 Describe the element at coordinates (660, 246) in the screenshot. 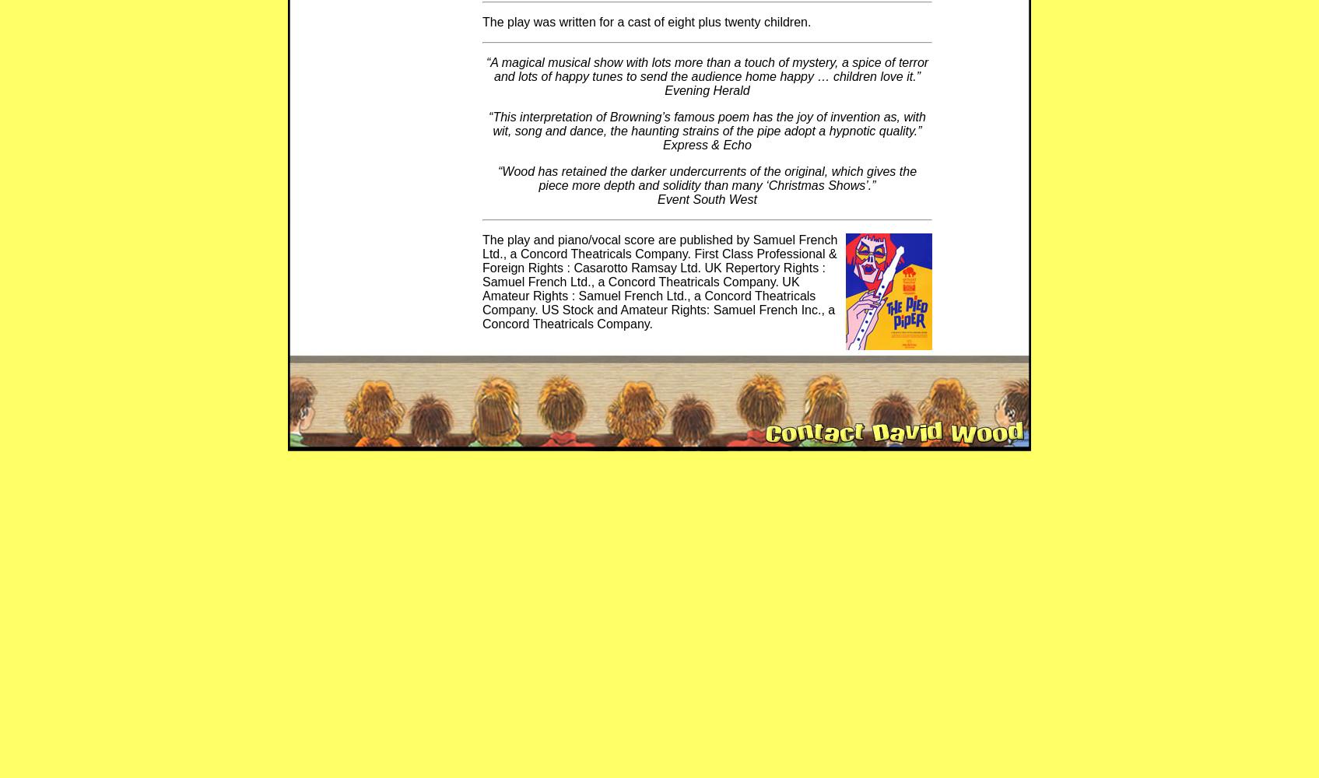

I see `'Samuel French Ltd., a Concord Theatricals Company'` at that location.